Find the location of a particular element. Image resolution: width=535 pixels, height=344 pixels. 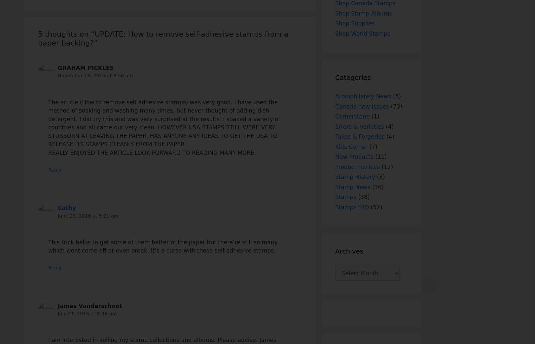

'Fakes & Forgeries' is located at coordinates (359, 136).